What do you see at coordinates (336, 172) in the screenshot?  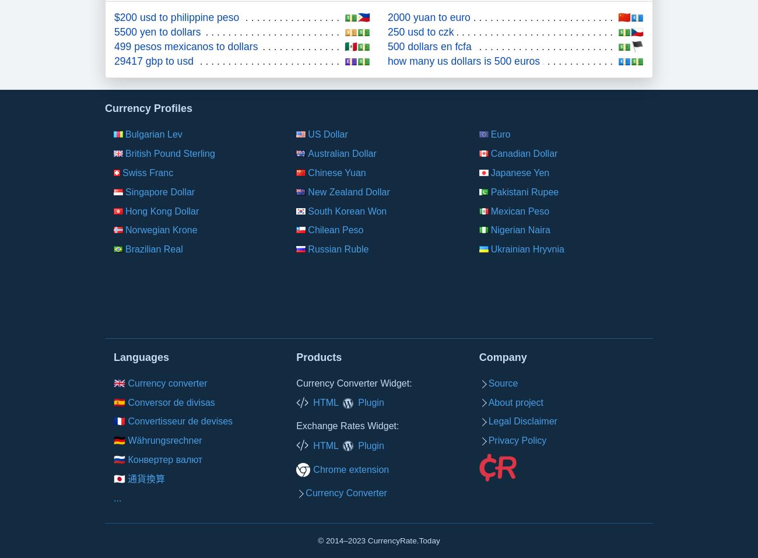 I see `'Chinese Yuan'` at bounding box center [336, 172].